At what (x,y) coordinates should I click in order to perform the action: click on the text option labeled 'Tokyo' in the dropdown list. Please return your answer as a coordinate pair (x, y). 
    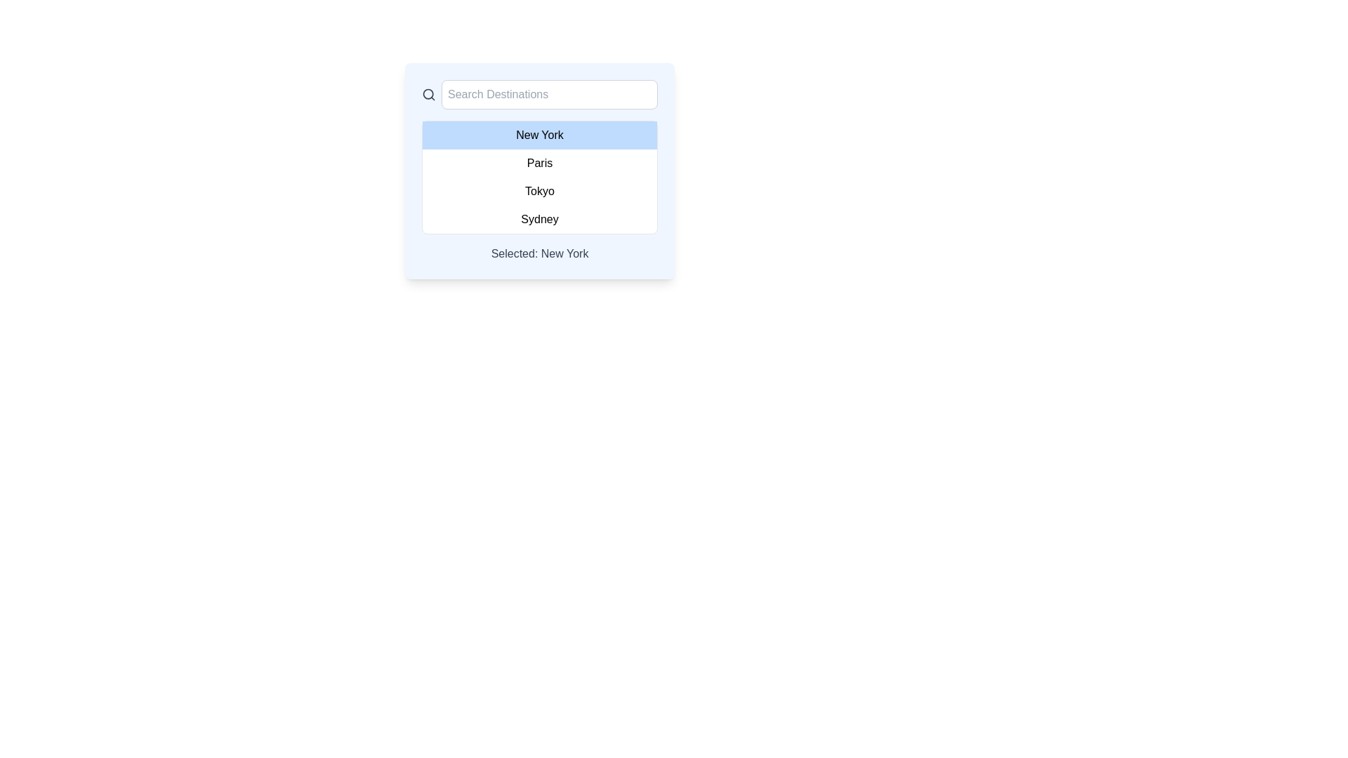
    Looking at the image, I should click on (538, 192).